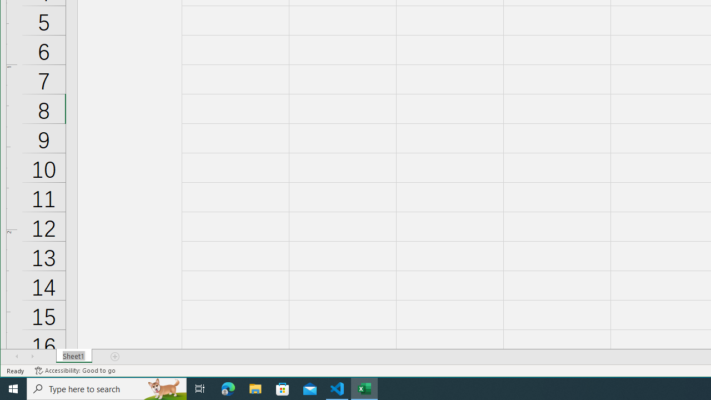 This screenshot has height=400, width=711. I want to click on 'Start', so click(13, 388).